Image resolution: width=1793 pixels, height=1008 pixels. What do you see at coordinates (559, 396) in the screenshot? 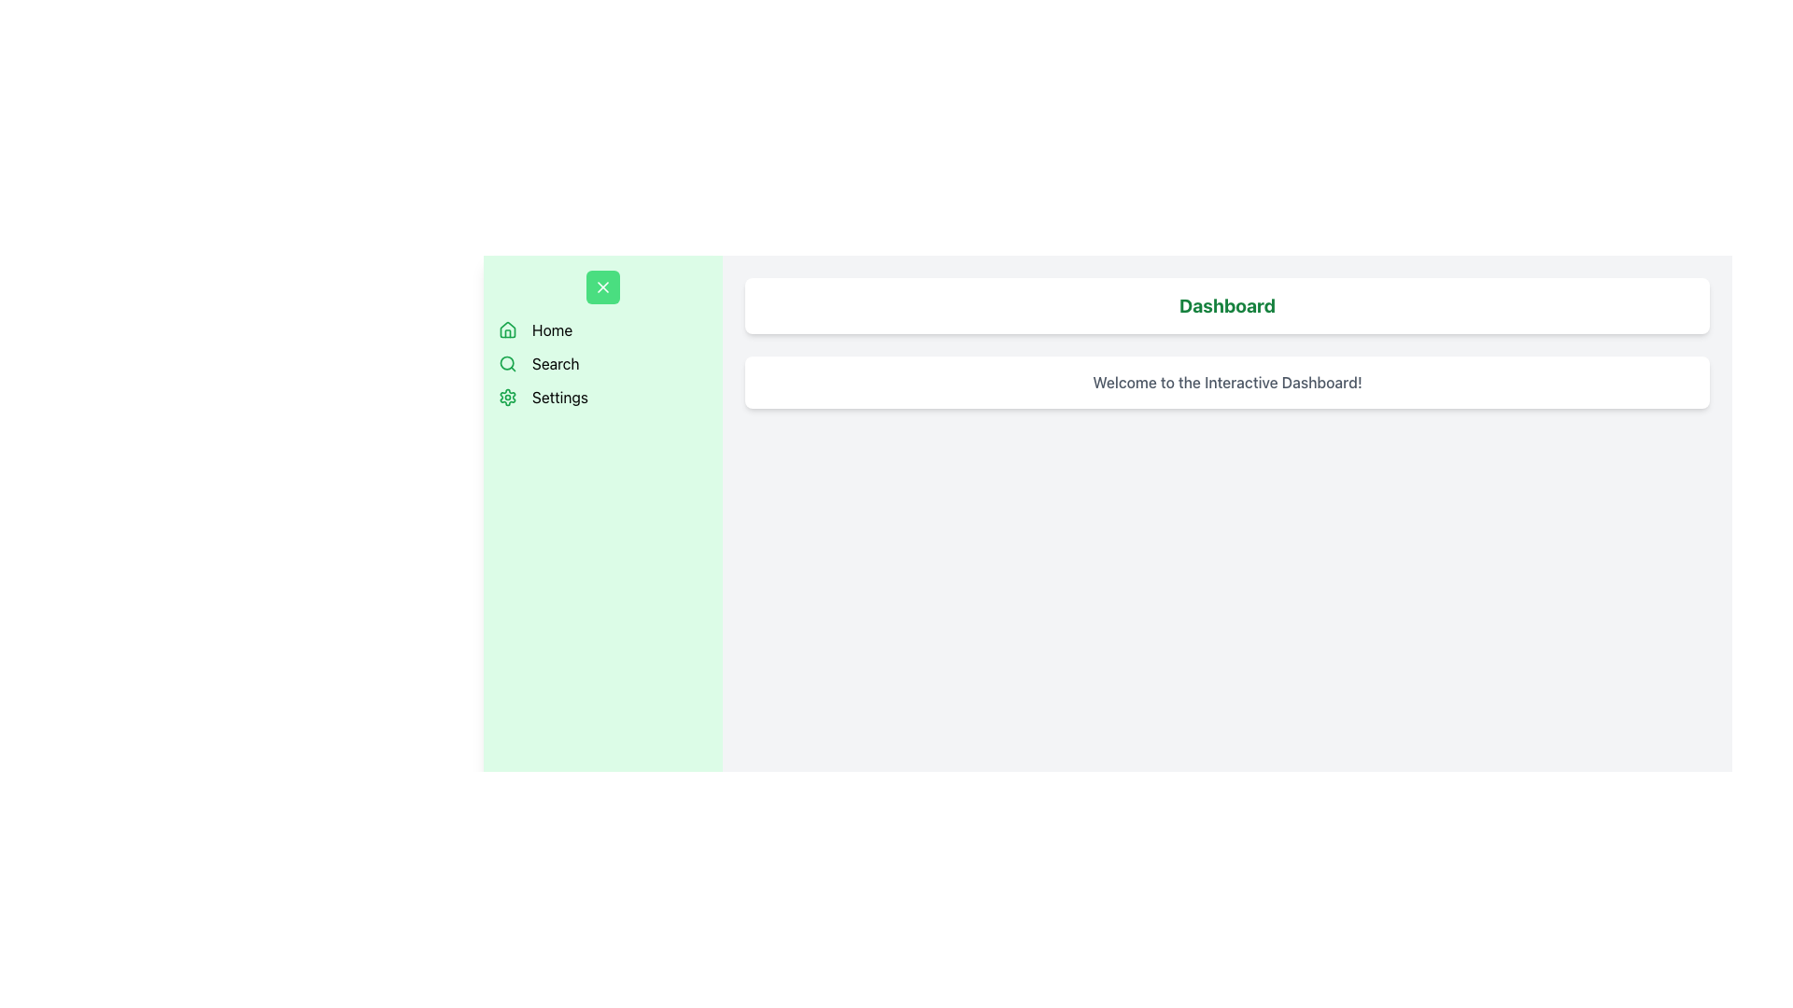
I see `the navigation text label located below the 'Search' menu label, which directs to the settings page` at bounding box center [559, 396].